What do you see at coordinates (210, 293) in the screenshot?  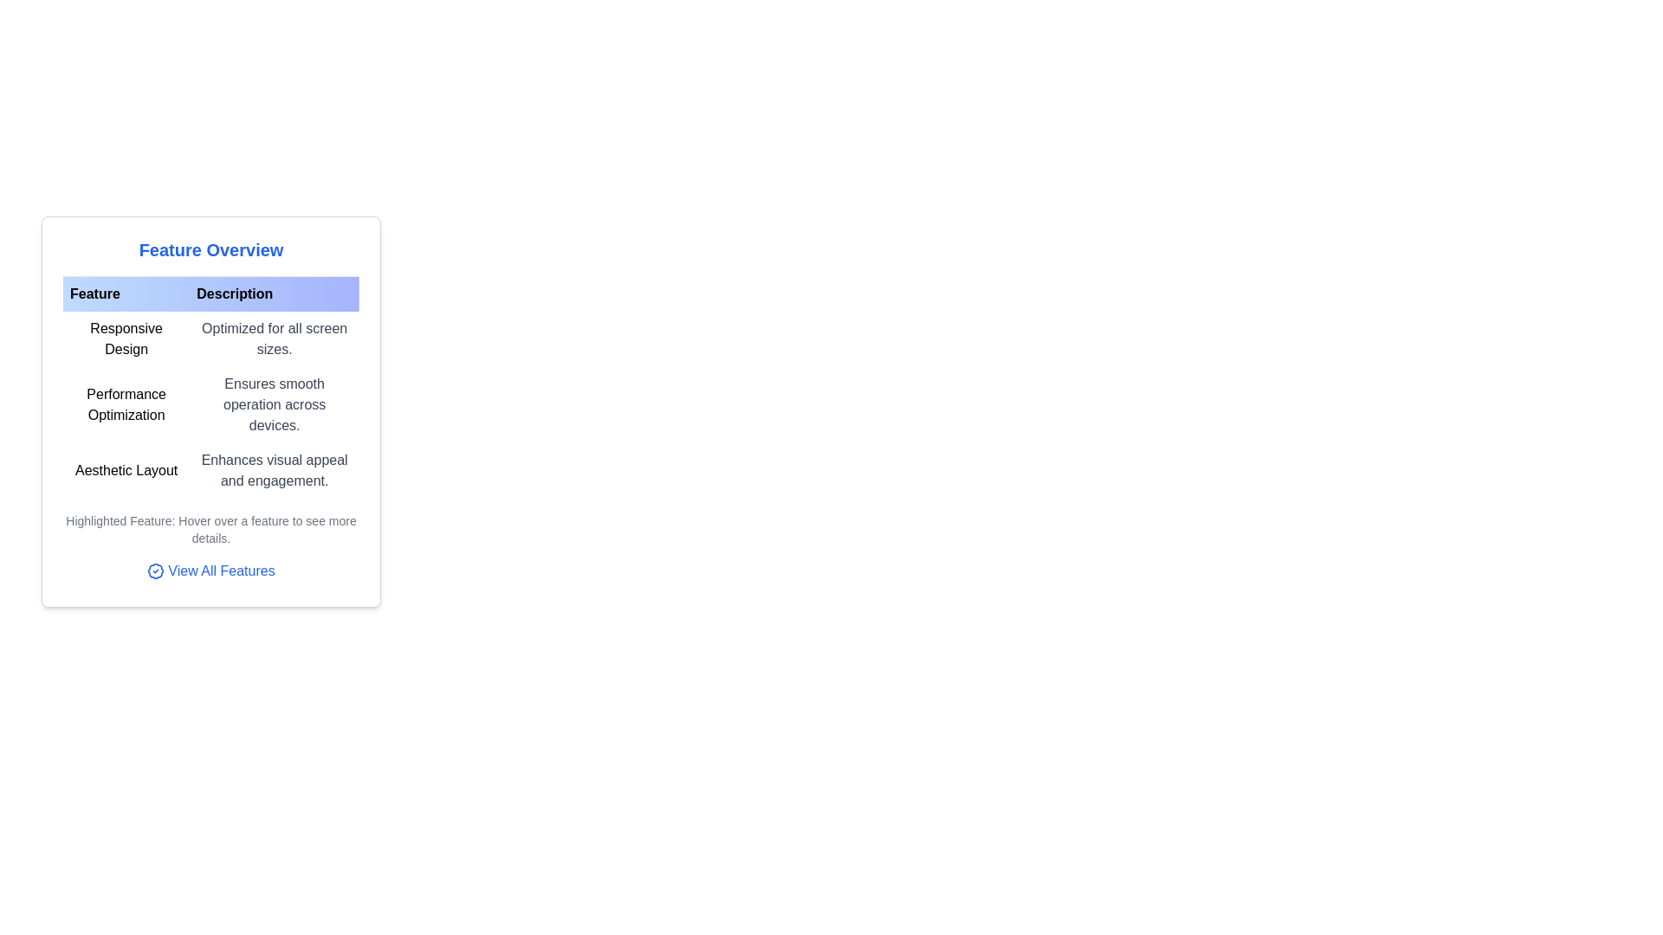 I see `the Table Header Row which has a gradient background and contains the text segments 'Feature' and 'Description', positioned at the top of the structured list` at bounding box center [210, 293].